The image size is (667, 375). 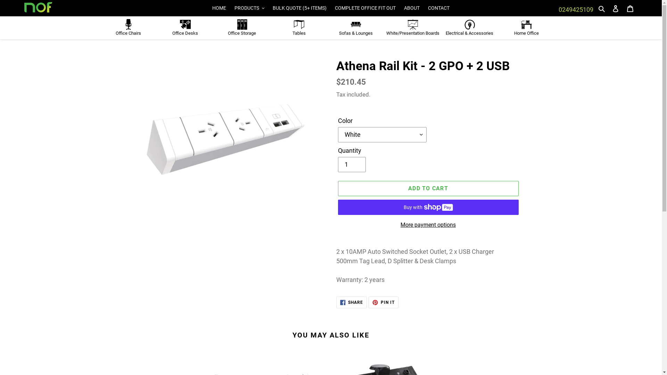 I want to click on 'PRODUCTS', so click(x=231, y=8).